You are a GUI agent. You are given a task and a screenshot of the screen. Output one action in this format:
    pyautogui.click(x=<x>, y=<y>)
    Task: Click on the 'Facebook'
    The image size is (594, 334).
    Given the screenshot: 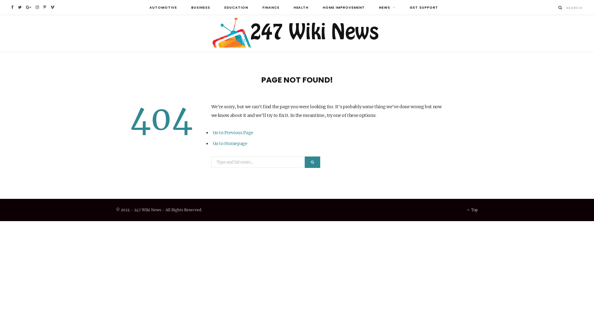 What is the action you would take?
    pyautogui.click(x=12, y=7)
    